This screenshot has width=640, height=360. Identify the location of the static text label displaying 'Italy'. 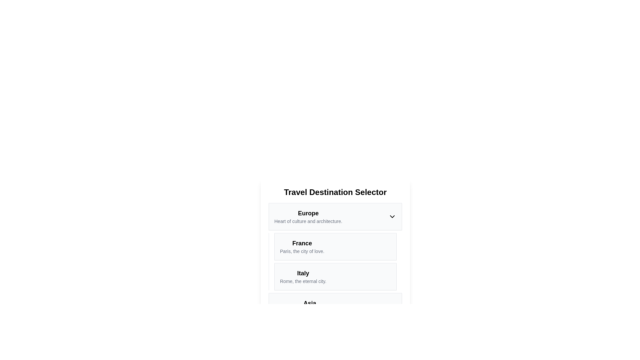
(303, 276).